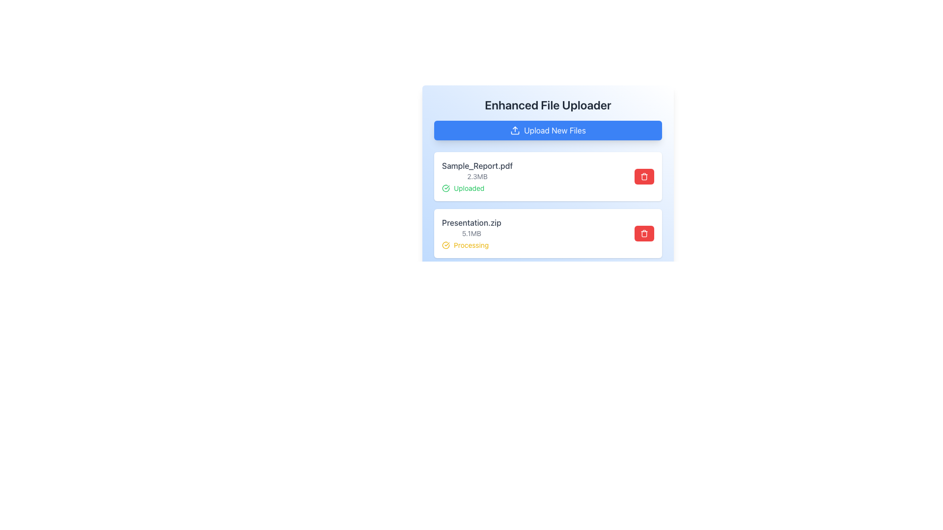 The image size is (943, 530). What do you see at coordinates (515, 130) in the screenshot?
I see `the upward arrow icon located on the left side of the 'Upload New Files' blue button` at bounding box center [515, 130].